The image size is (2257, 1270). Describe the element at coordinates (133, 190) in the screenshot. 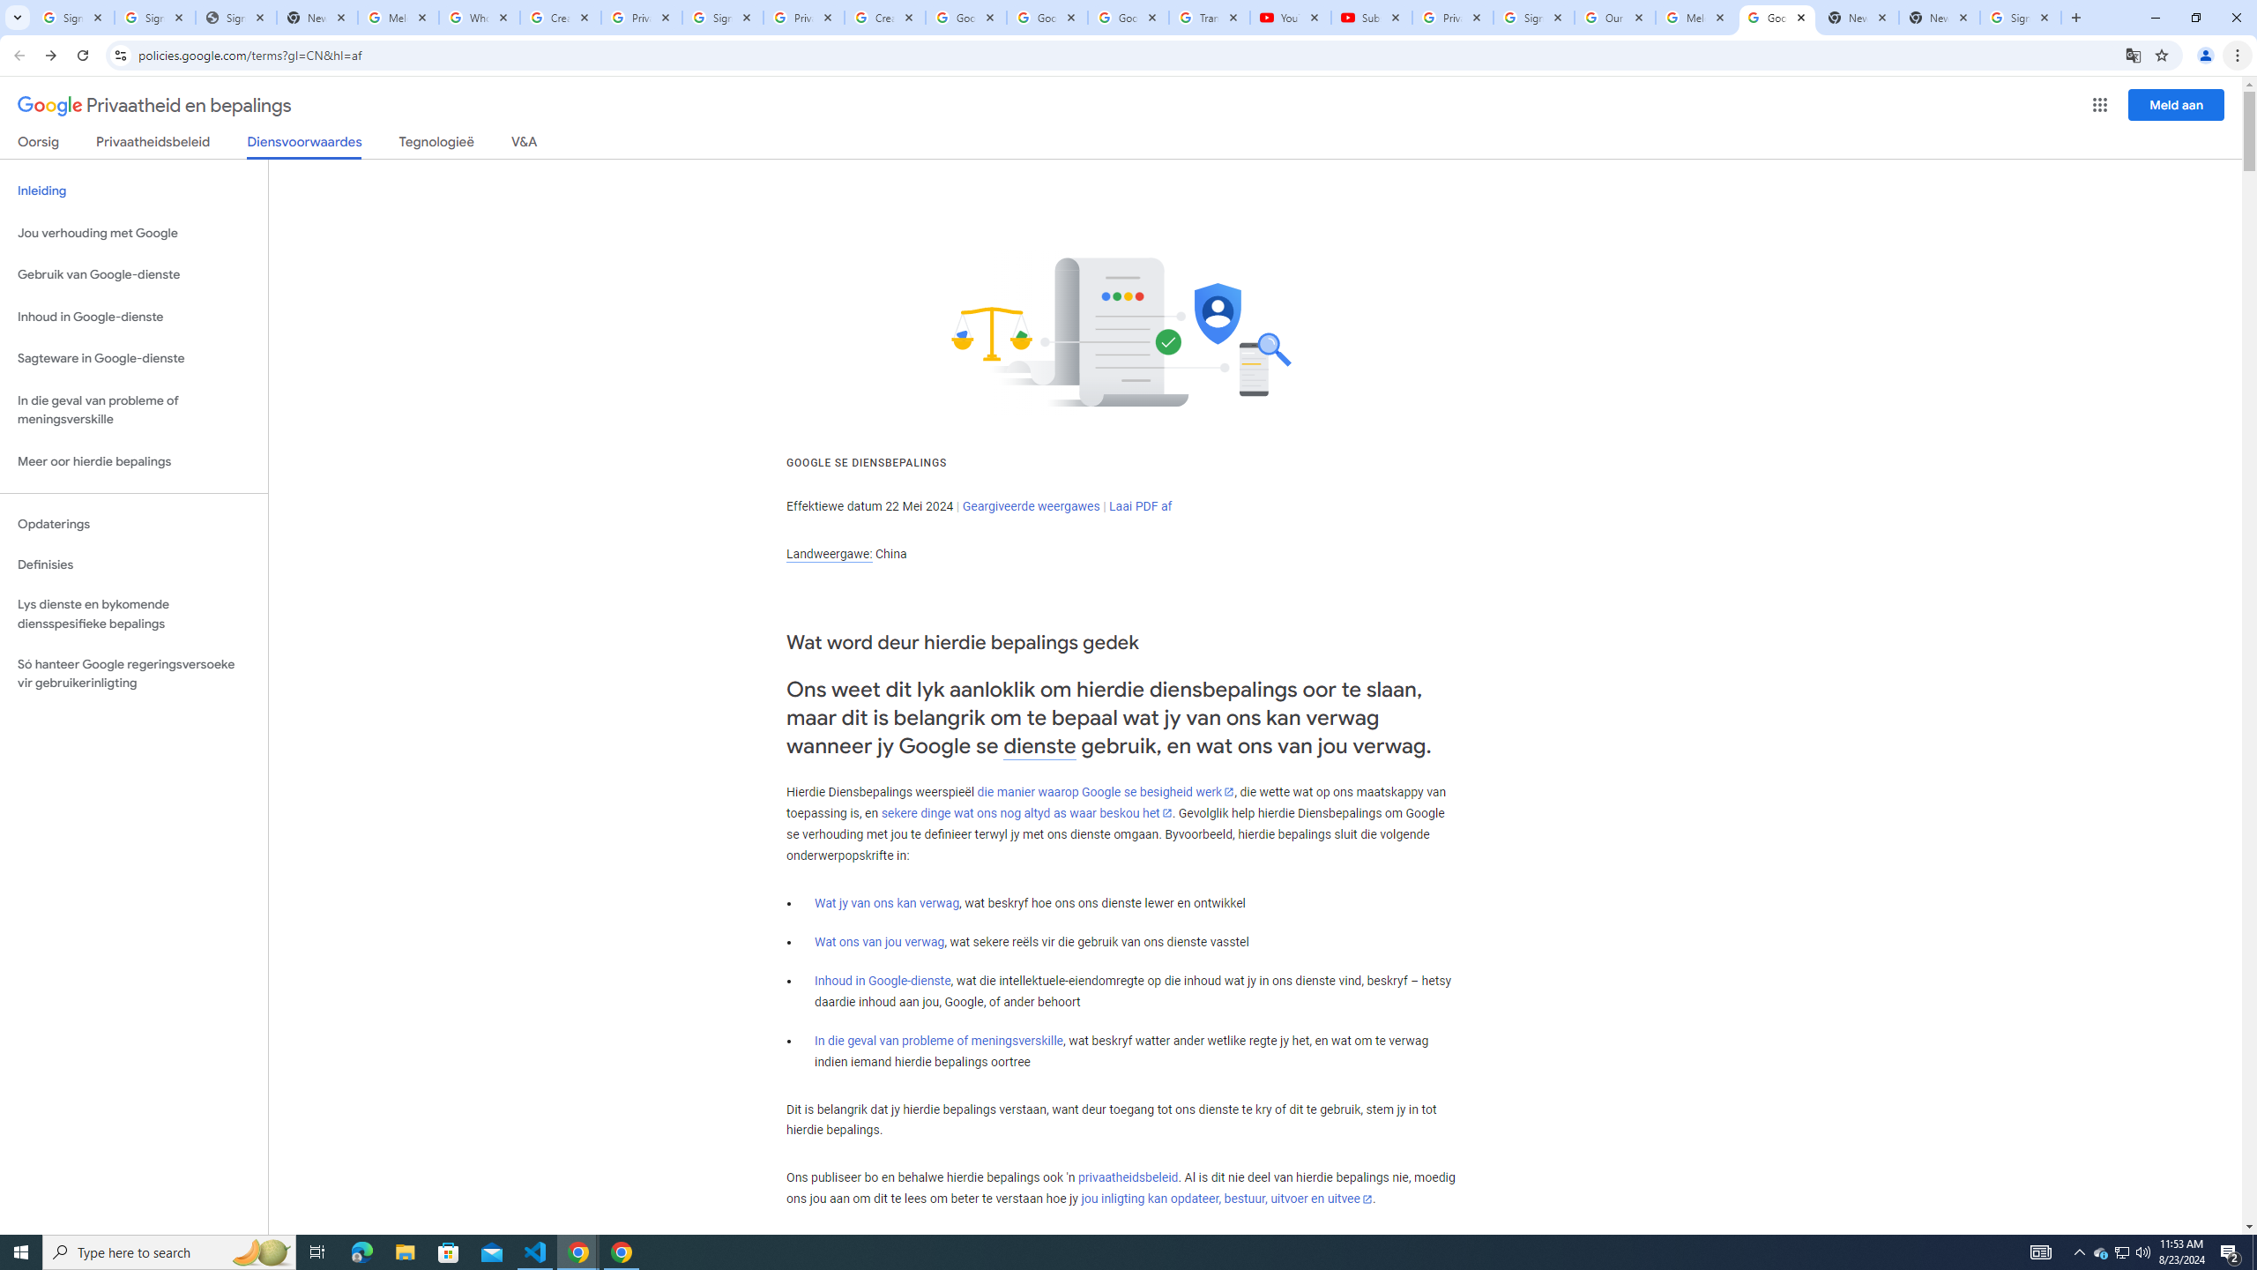

I see `'Inleiding'` at that location.